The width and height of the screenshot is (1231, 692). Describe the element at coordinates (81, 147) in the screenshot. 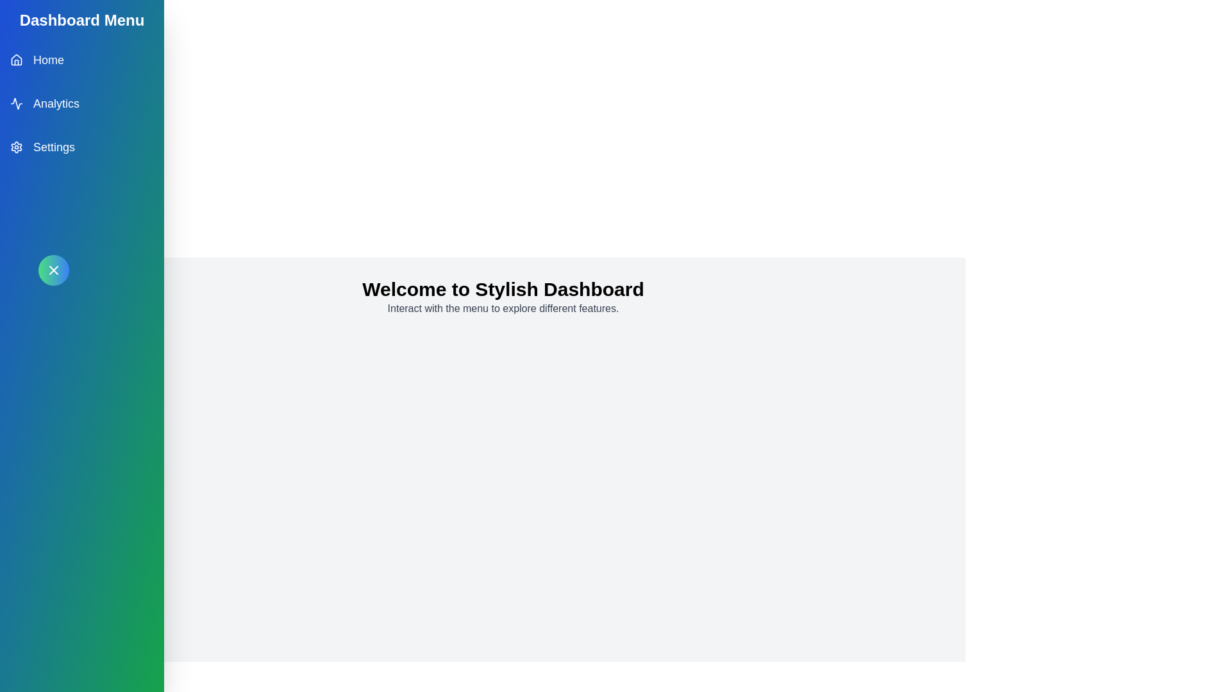

I see `the menu item Settings to observe its hover effect` at that location.